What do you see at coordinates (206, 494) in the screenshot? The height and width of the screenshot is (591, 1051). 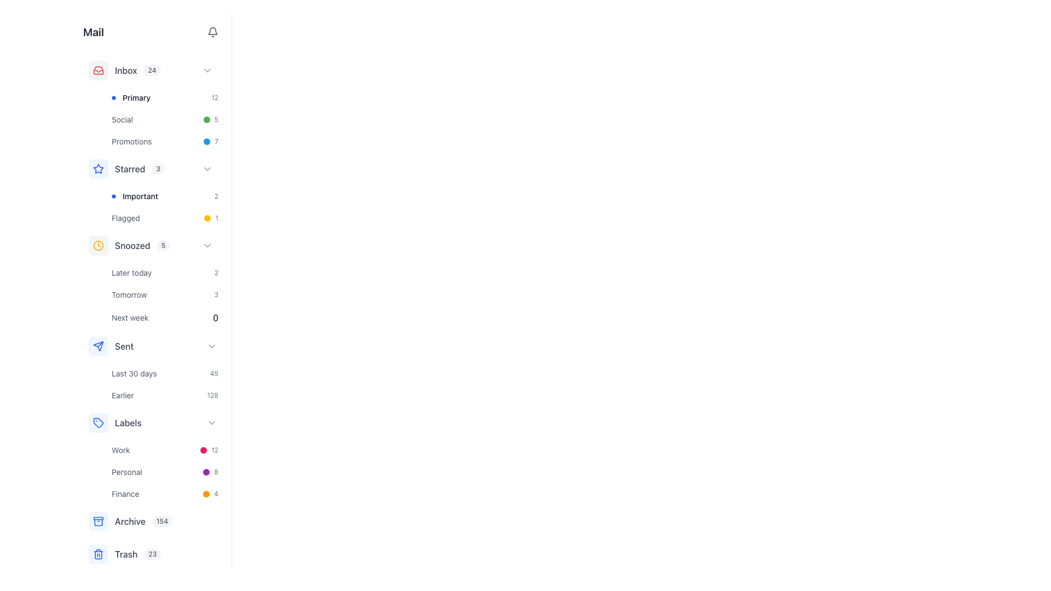 I see `the color-coded indicator or marker associated with the 'Finance' label located in the sidebar menu under the 'Labels' section, positioned immediately to the left of the number '4'` at bounding box center [206, 494].